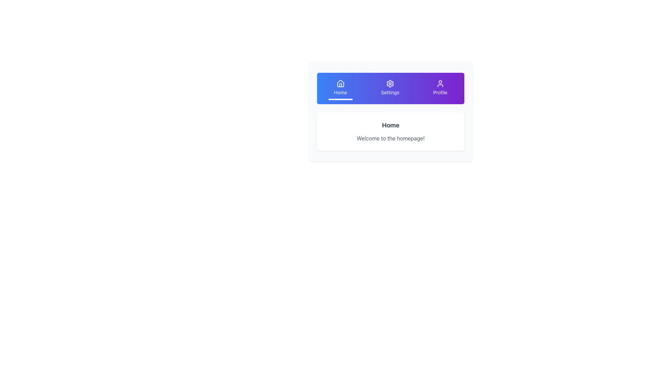  What do you see at coordinates (390, 83) in the screenshot?
I see `the settings icon located in the toolbar, which is the second item from the left` at bounding box center [390, 83].